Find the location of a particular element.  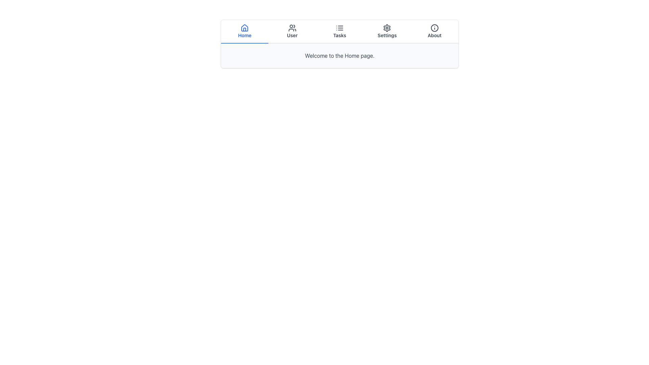

the Settings icon located in the center of the navigation bar is located at coordinates (387, 28).